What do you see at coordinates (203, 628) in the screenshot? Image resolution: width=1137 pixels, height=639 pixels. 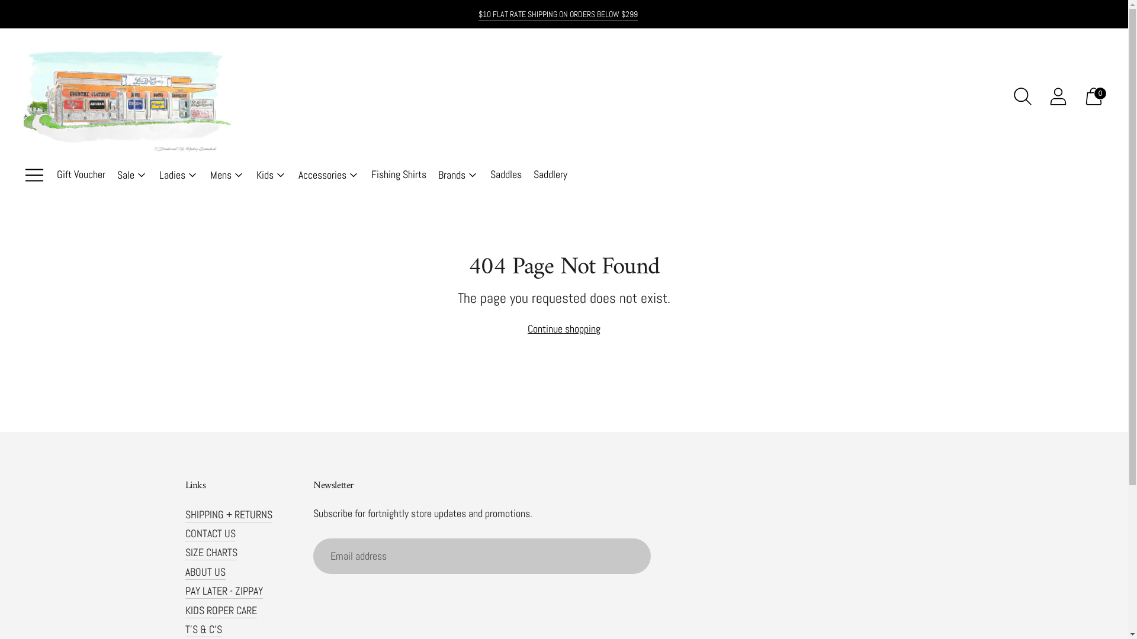 I see `'T'S & C'S'` at bounding box center [203, 628].